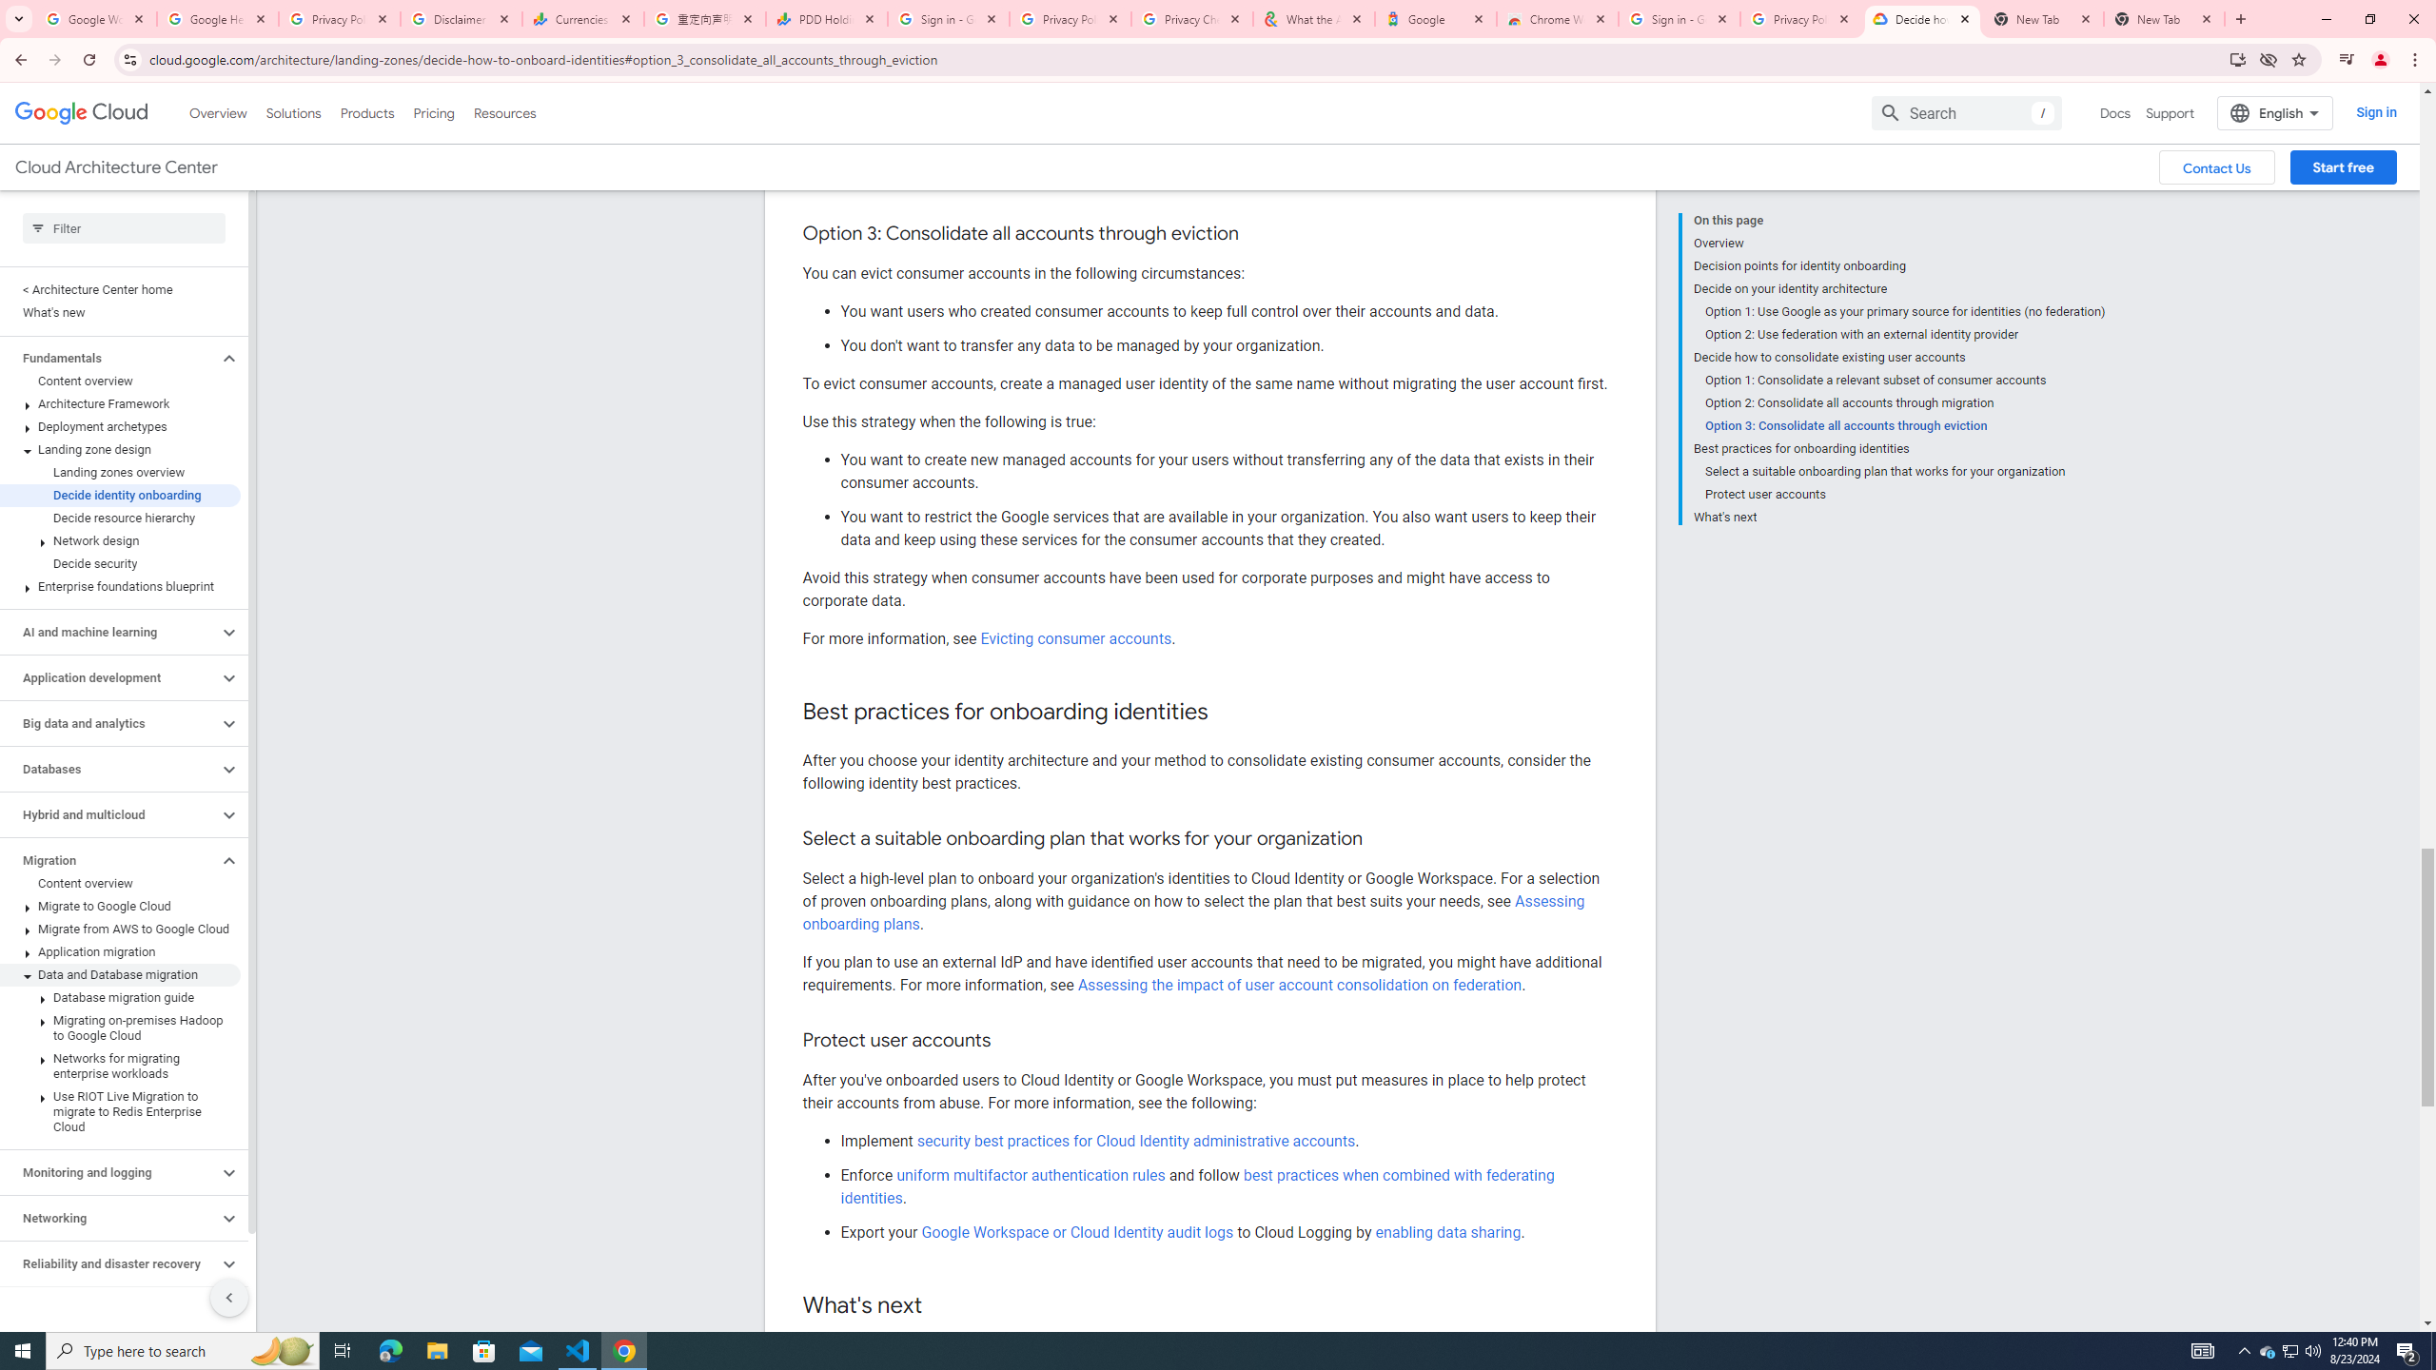  I want to click on 'Hybrid and multicloud', so click(108, 813).